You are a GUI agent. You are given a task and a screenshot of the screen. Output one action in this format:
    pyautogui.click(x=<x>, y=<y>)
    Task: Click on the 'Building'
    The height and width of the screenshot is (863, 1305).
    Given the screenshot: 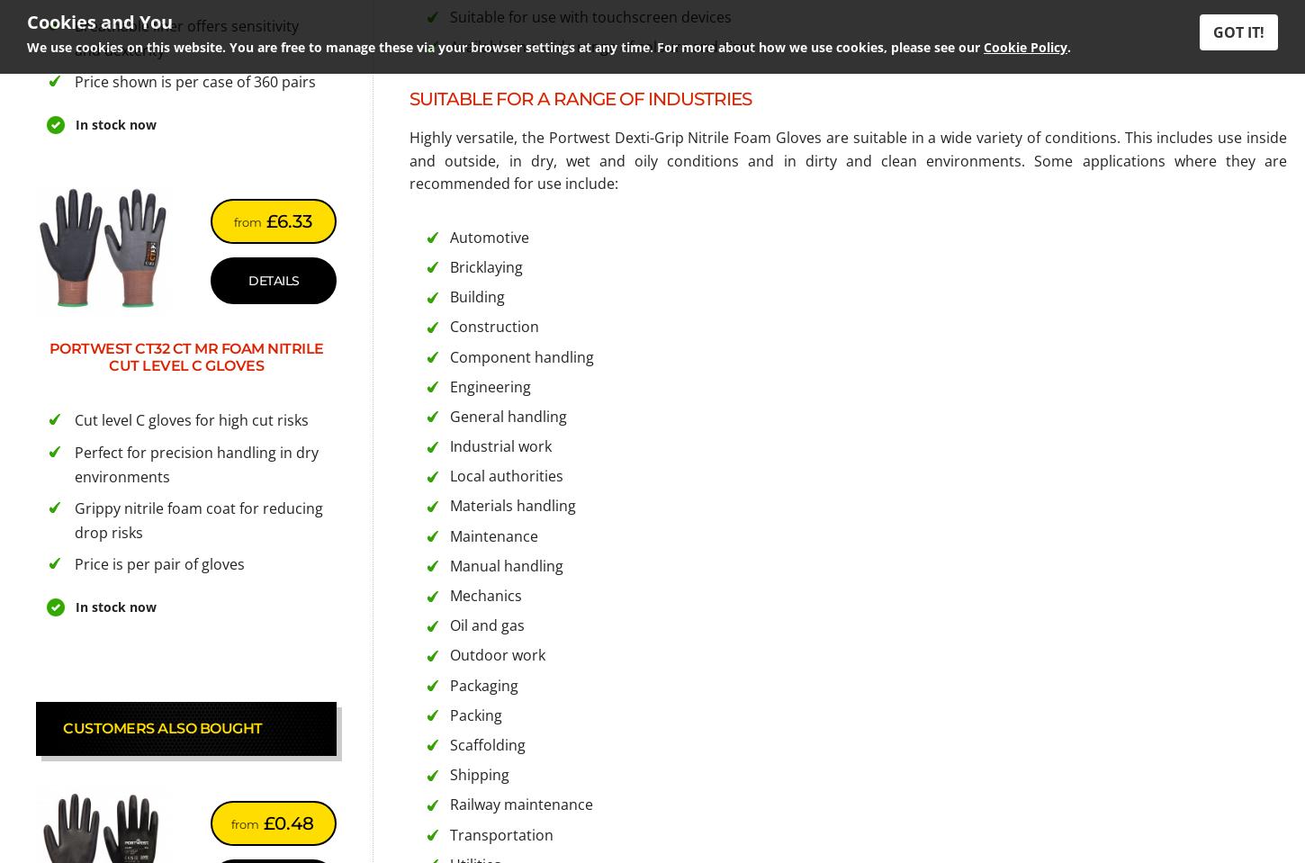 What is the action you would take?
    pyautogui.click(x=477, y=295)
    